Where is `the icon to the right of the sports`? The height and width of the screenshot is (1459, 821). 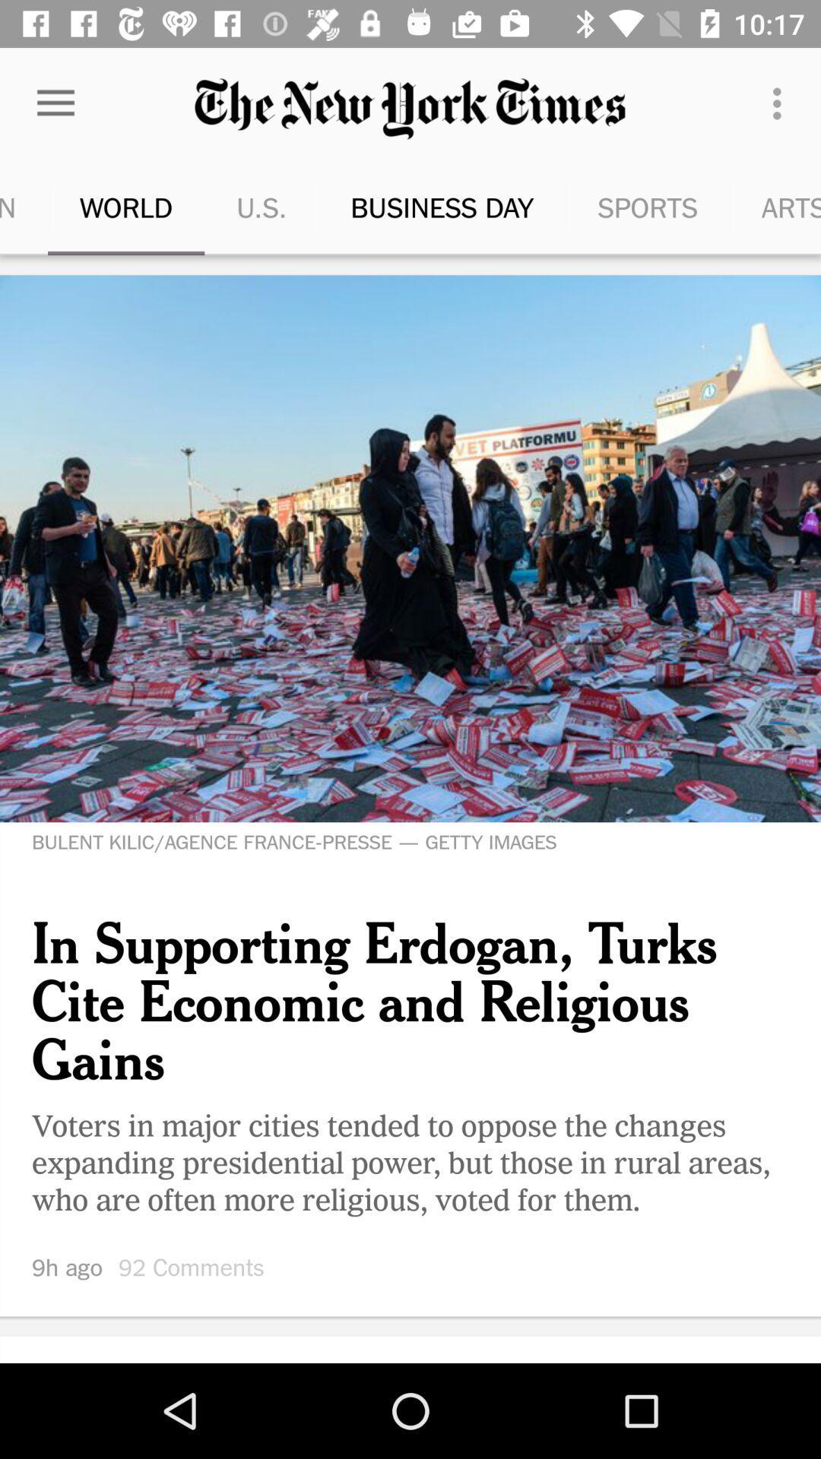 the icon to the right of the sports is located at coordinates (755, 207).